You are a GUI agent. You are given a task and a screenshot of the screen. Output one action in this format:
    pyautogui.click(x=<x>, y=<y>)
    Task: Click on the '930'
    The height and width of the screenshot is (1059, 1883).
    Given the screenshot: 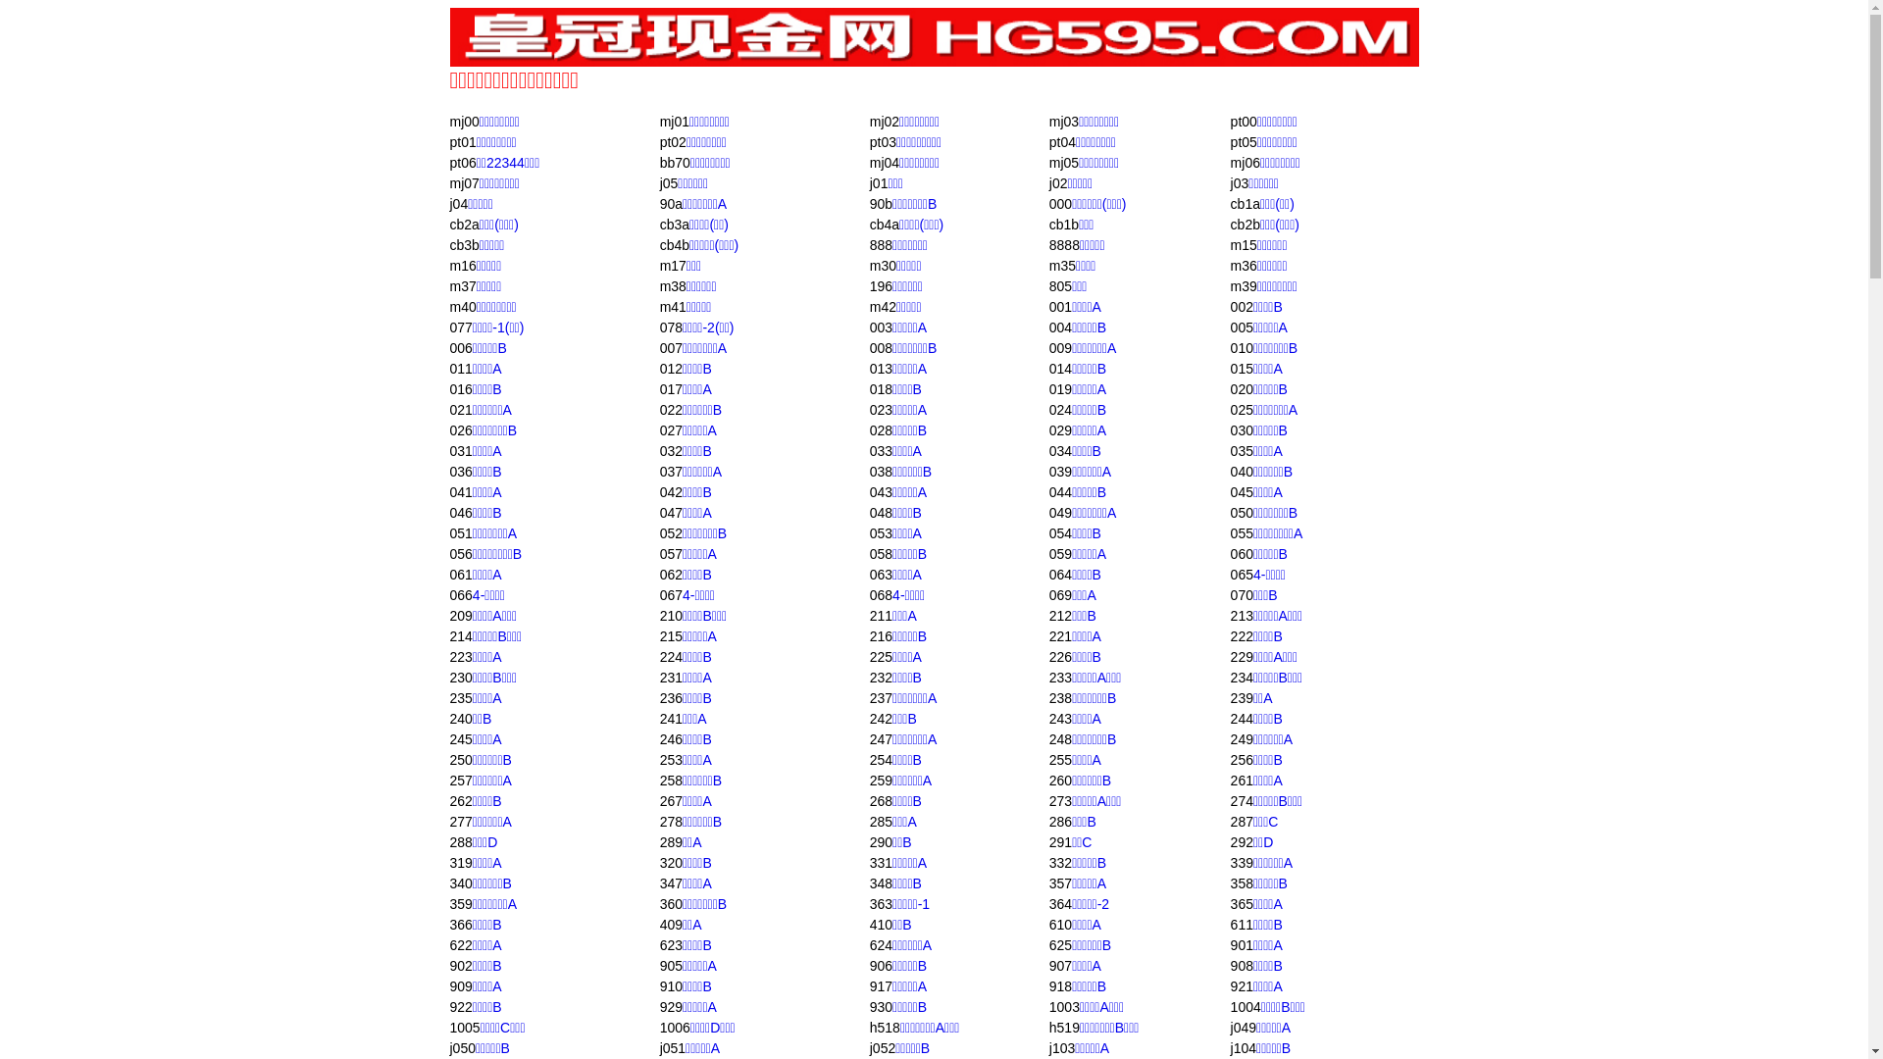 What is the action you would take?
    pyautogui.click(x=880, y=1006)
    